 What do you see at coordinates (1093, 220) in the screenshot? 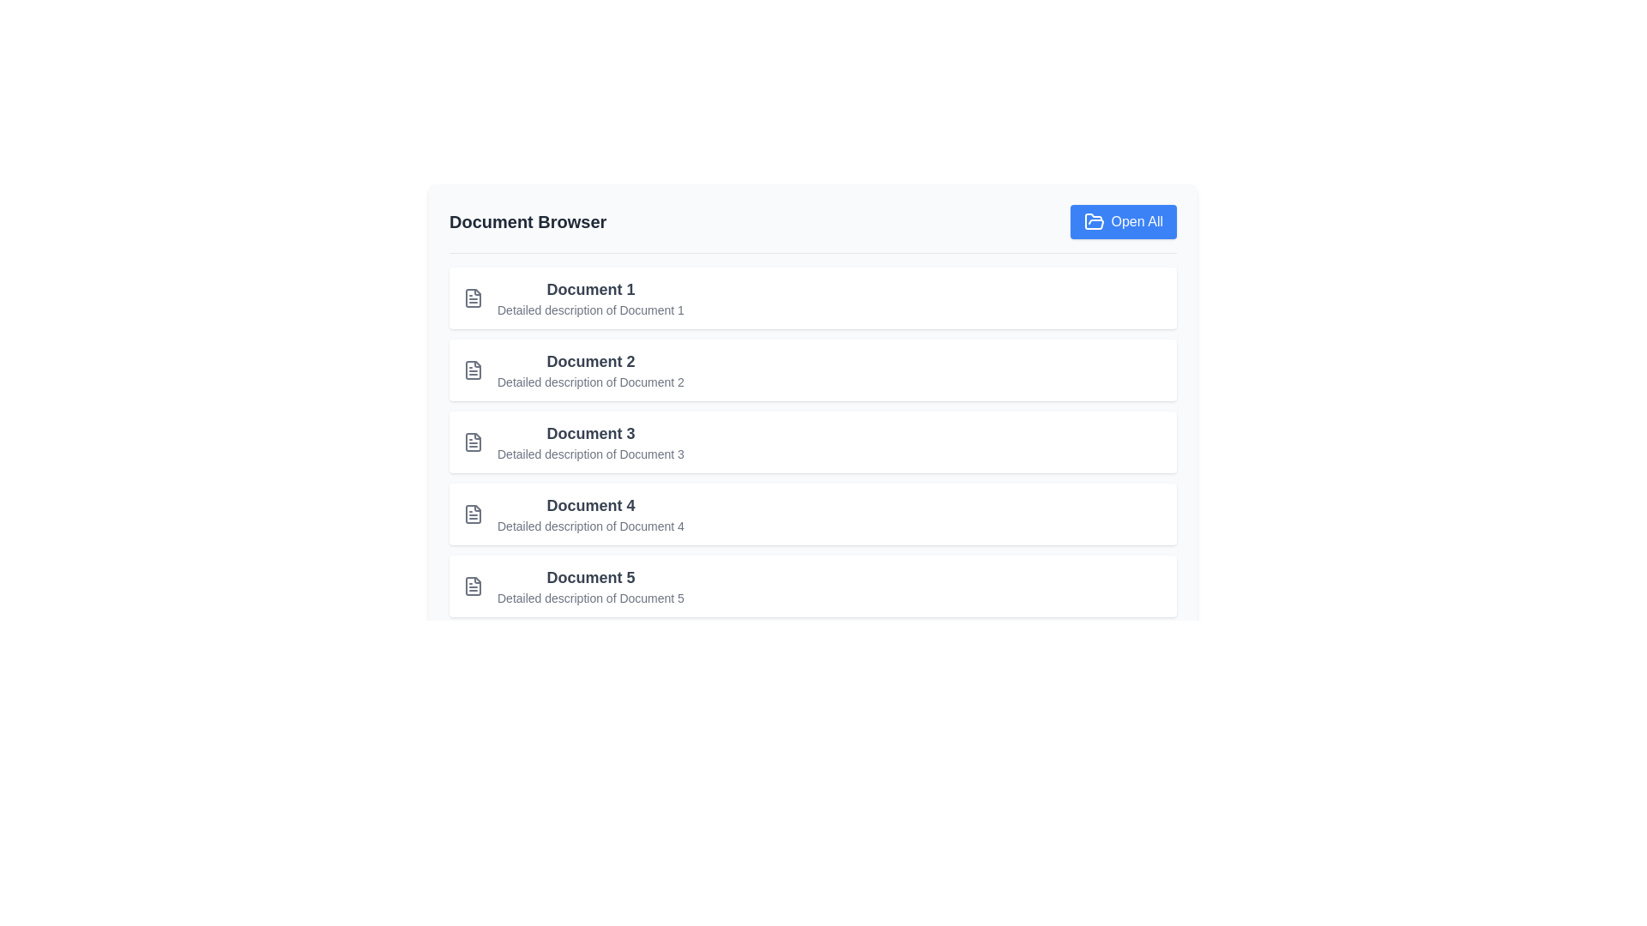
I see `the folder icon located to the left of the 'Open All' button's text, which visually indicates the button's function for managing or accessing folders` at bounding box center [1093, 220].